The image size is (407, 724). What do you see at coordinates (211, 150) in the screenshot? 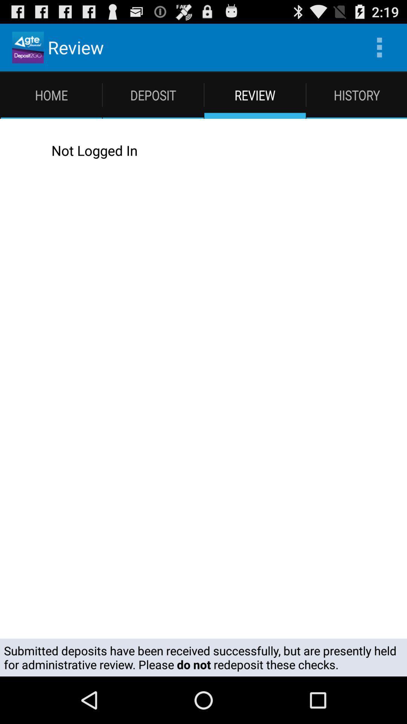
I see `the icon above the submitted deposits have icon` at bounding box center [211, 150].